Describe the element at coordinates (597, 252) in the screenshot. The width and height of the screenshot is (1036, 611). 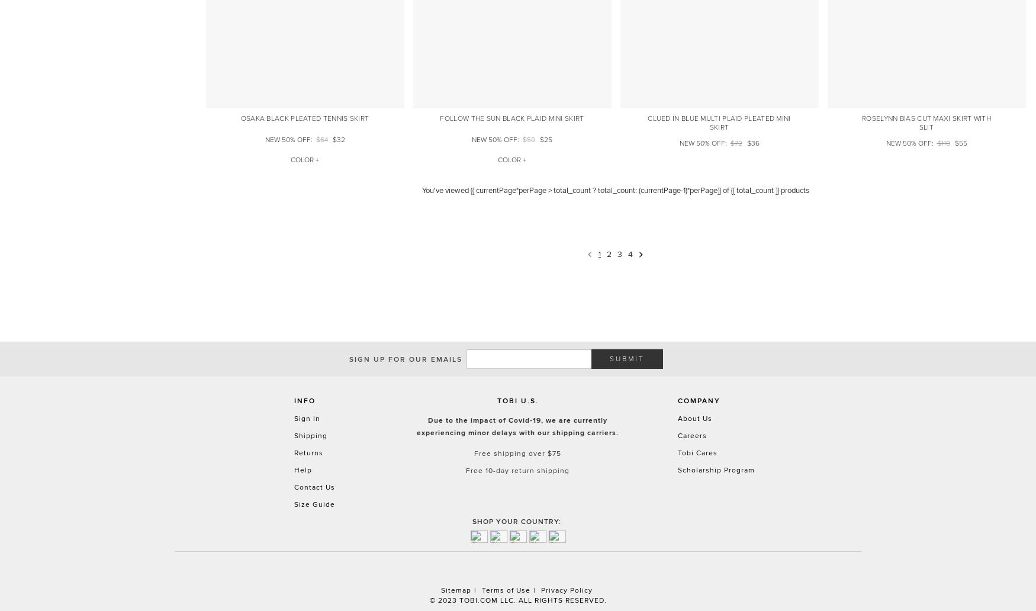
I see `'1'` at that location.